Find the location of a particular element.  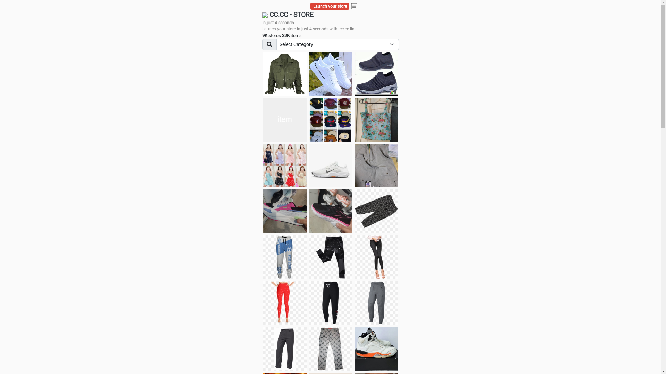

'shoes for boys' is located at coordinates (376, 74).